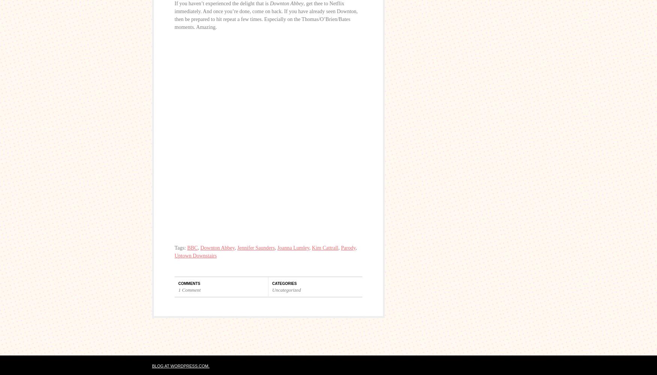  What do you see at coordinates (195, 256) in the screenshot?
I see `'Uptown Downstairs'` at bounding box center [195, 256].